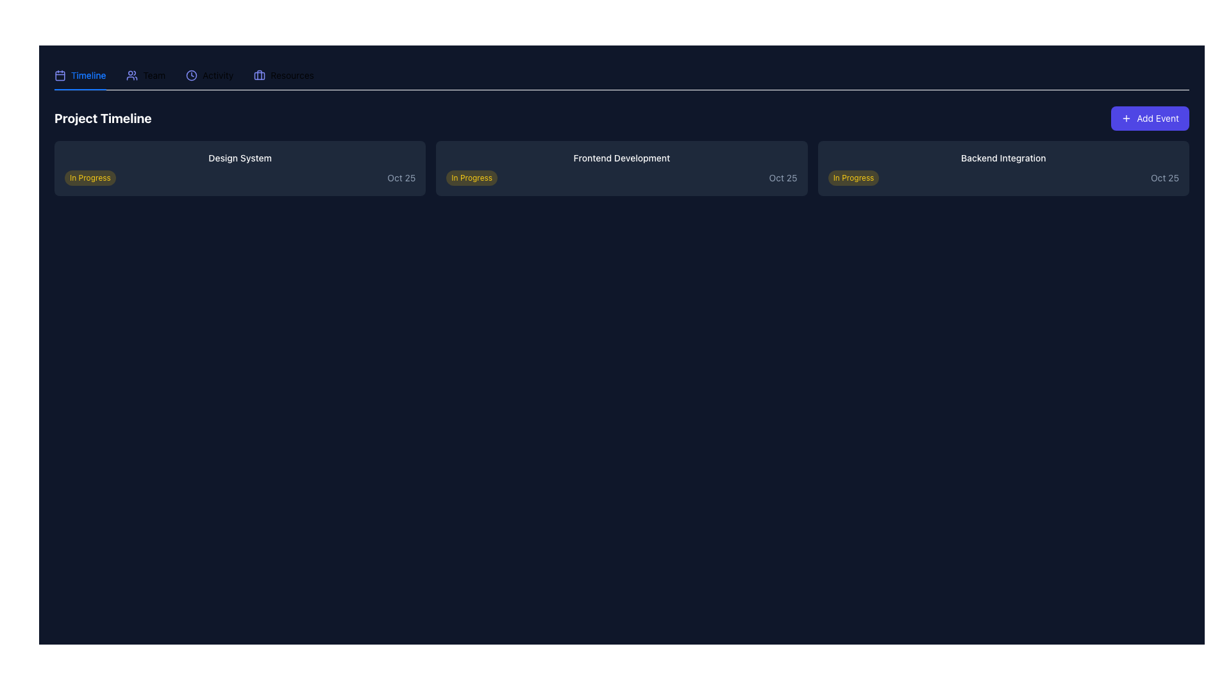  I want to click on the 'Timeline' text label located in the upper navigation bar, so click(88, 76).